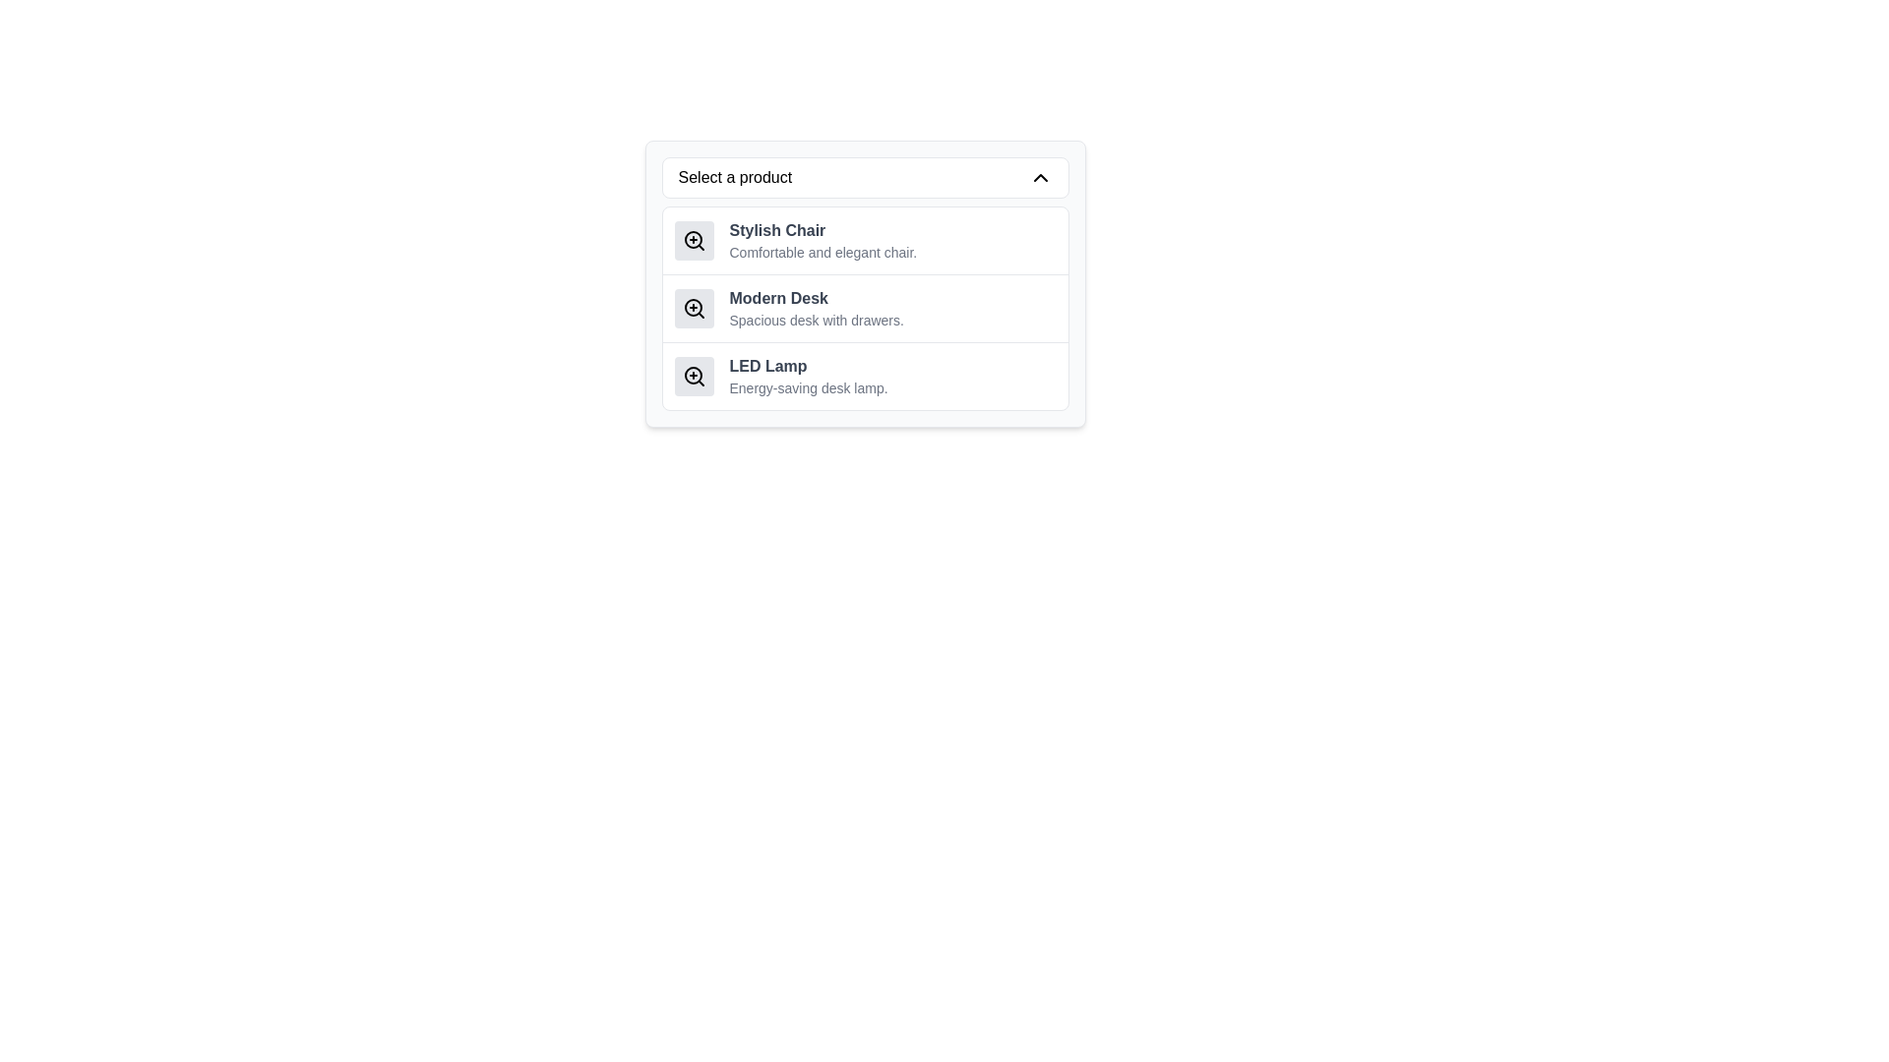  Describe the element at coordinates (795, 240) in the screenshot. I see `the product description element for 'Stylish Chair'` at that location.